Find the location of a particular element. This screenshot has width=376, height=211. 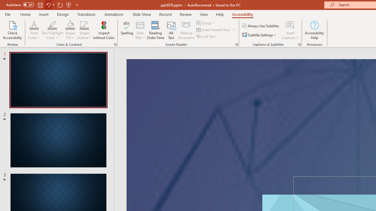

'Captions & Subtitles' is located at coordinates (300, 44).